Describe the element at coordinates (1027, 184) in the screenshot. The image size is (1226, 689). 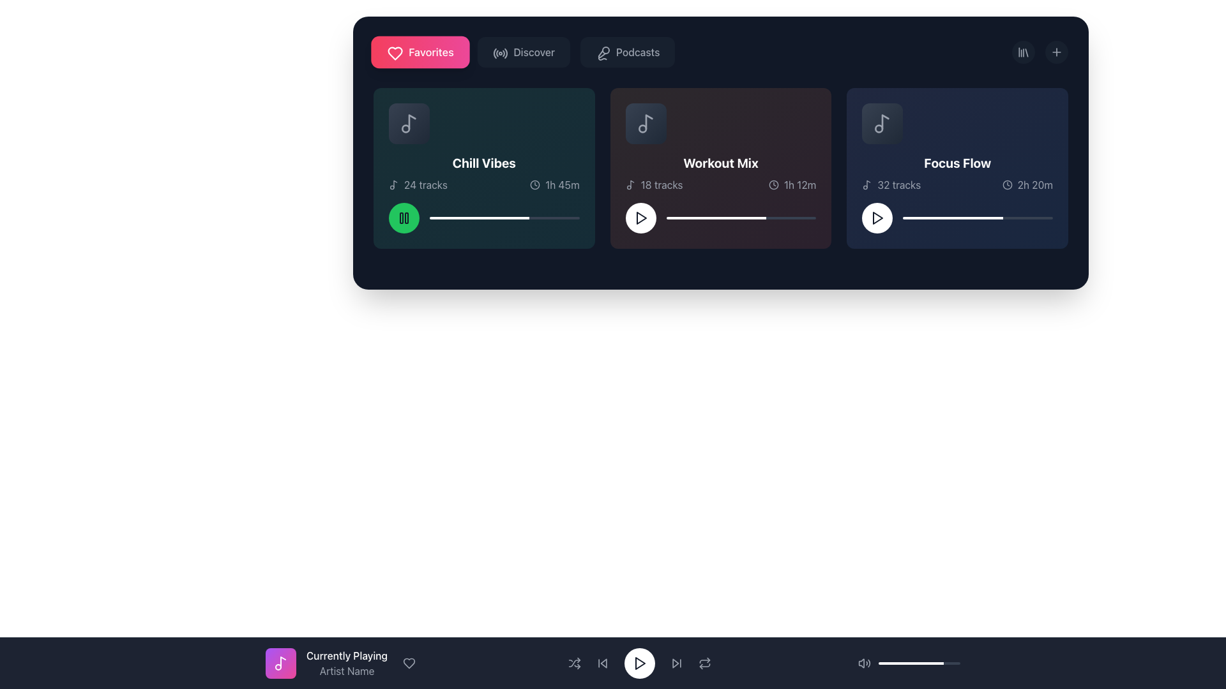
I see `the Text Label with Icon indicating the duration of the playlist (2 hours and 20 minutes) located in the bottom right corner of the 'Focus Flow' card` at that location.